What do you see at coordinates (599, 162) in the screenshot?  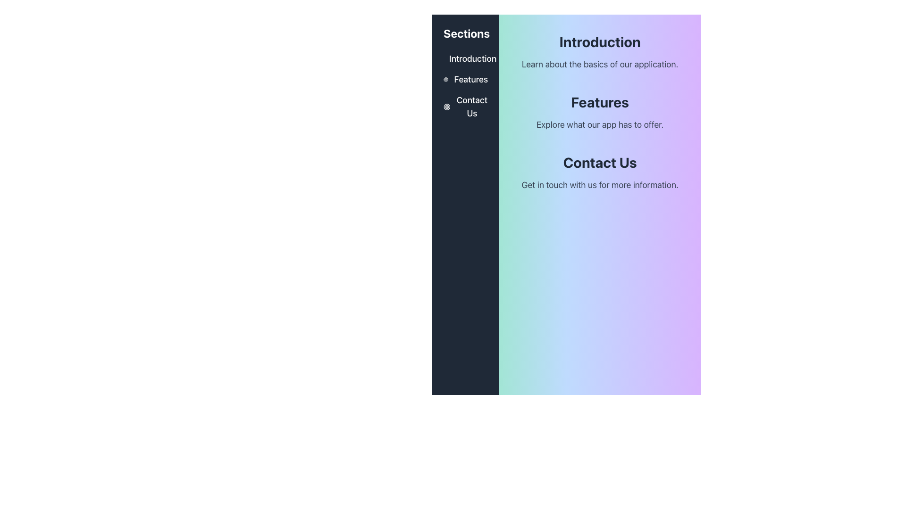 I see `the Static Text Label indicating the 'Contact Us' section, located near the bottom-center of the page` at bounding box center [599, 162].